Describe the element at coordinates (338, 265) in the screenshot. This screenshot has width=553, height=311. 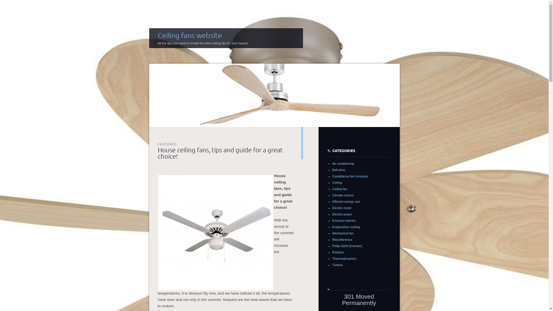
I see `'Turbine'` at that location.